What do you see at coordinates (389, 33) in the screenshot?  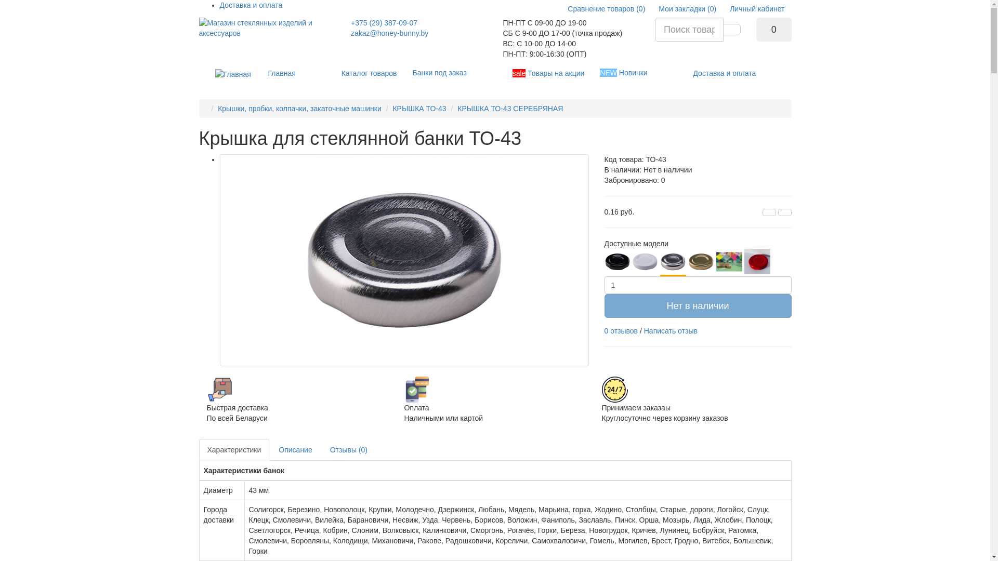 I see `'zakaz@honey-bunny.by'` at bounding box center [389, 33].